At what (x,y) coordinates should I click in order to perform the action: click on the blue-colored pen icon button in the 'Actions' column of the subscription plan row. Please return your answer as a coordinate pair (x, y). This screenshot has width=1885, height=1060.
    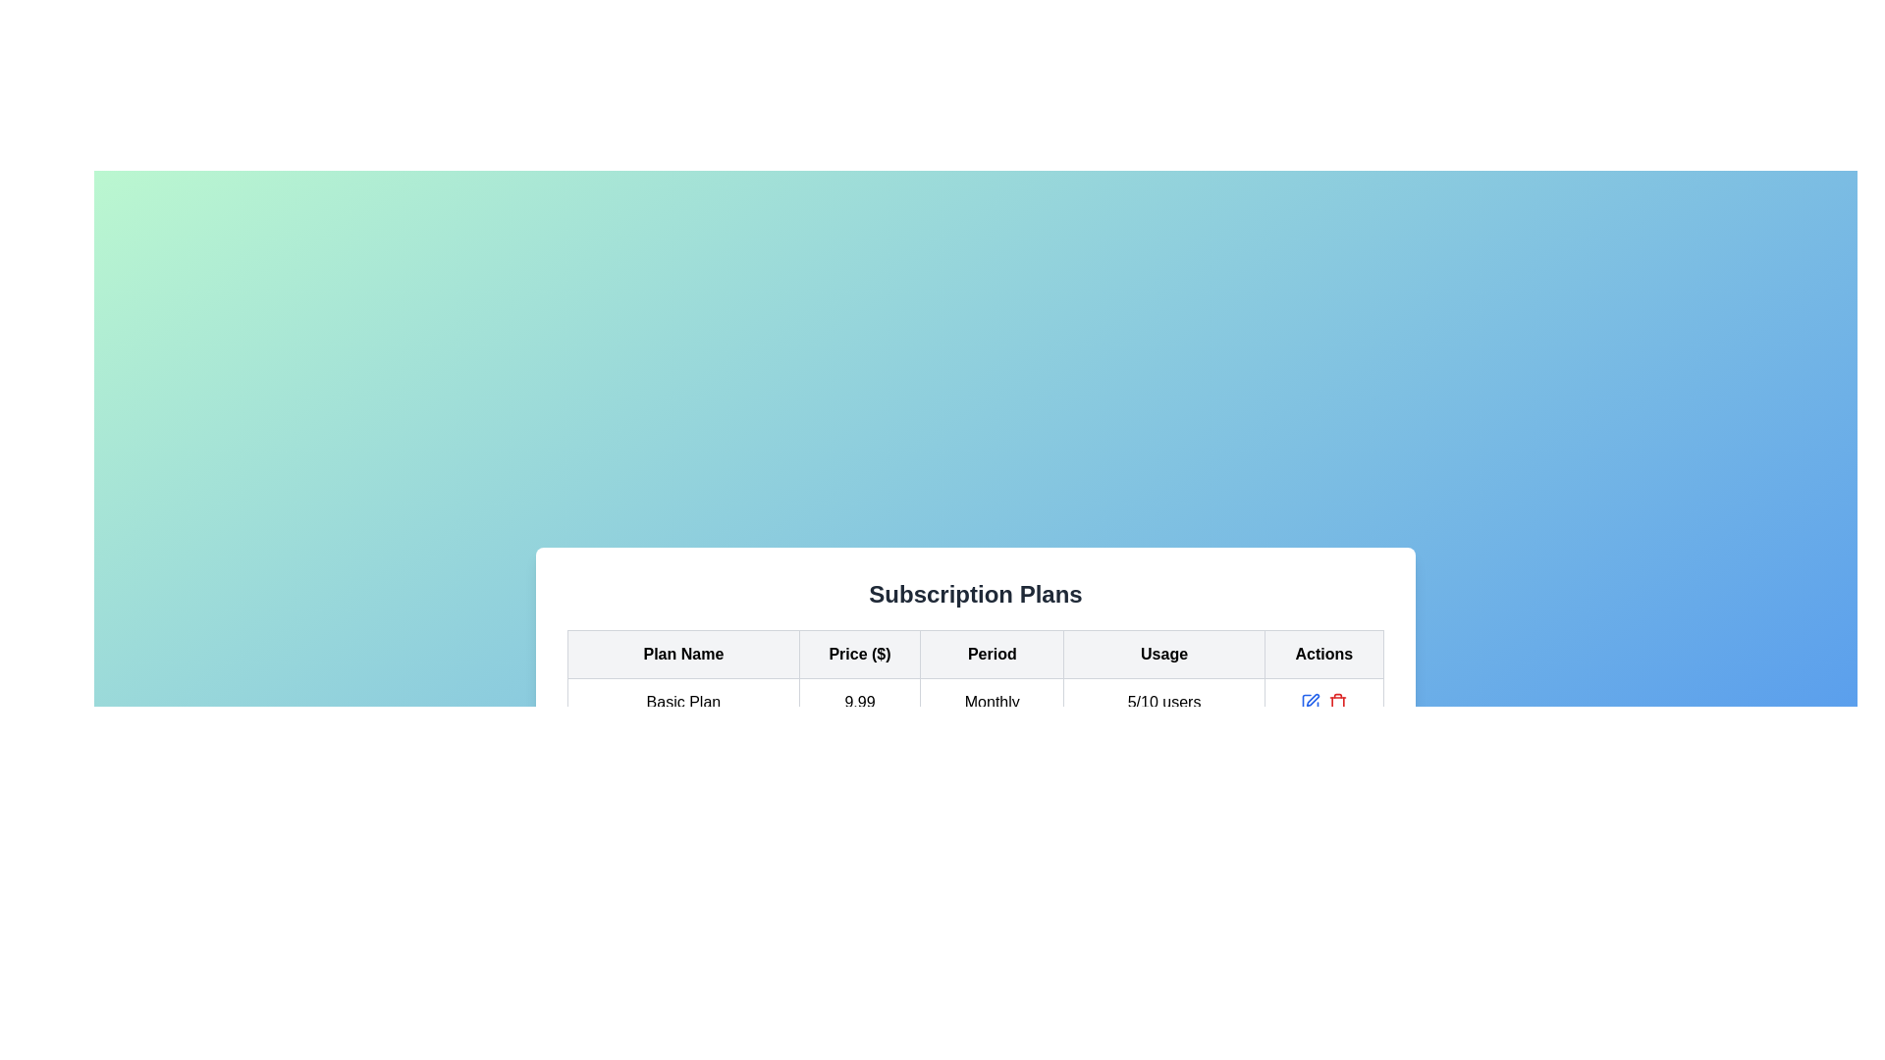
    Looking at the image, I should click on (1310, 701).